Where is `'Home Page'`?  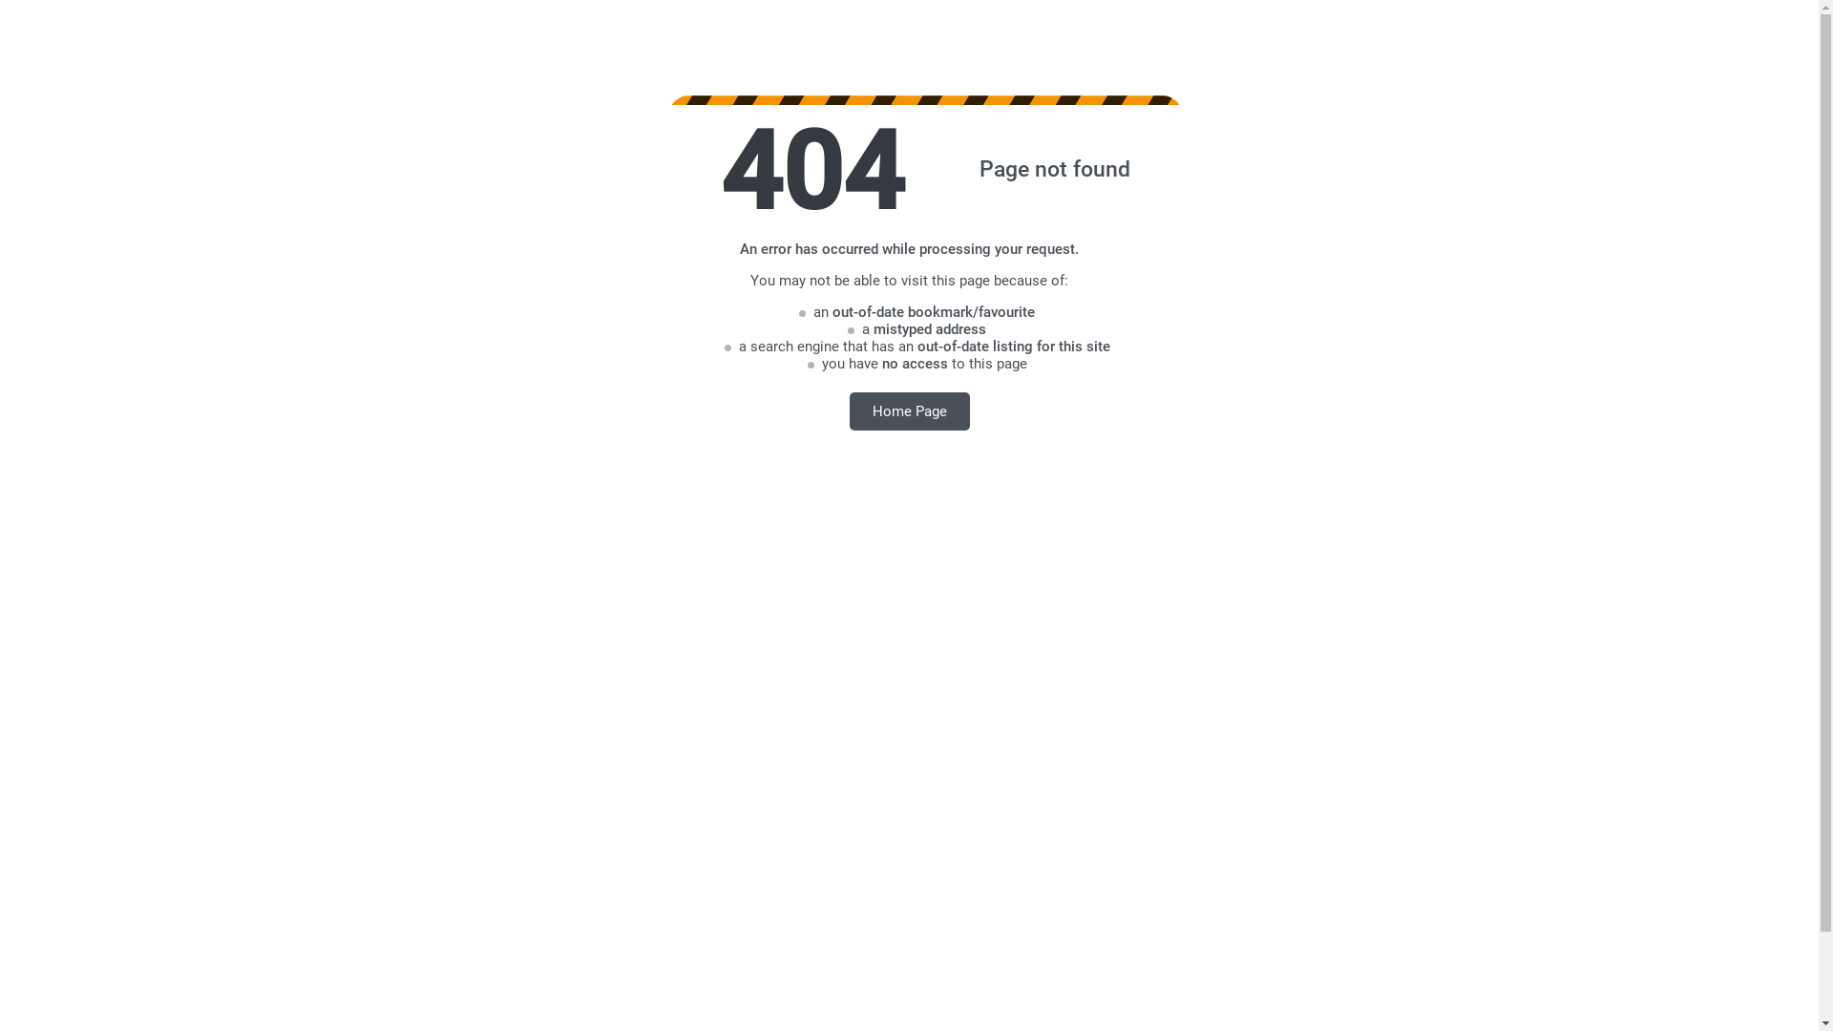 'Home Page' is located at coordinates (909, 410).